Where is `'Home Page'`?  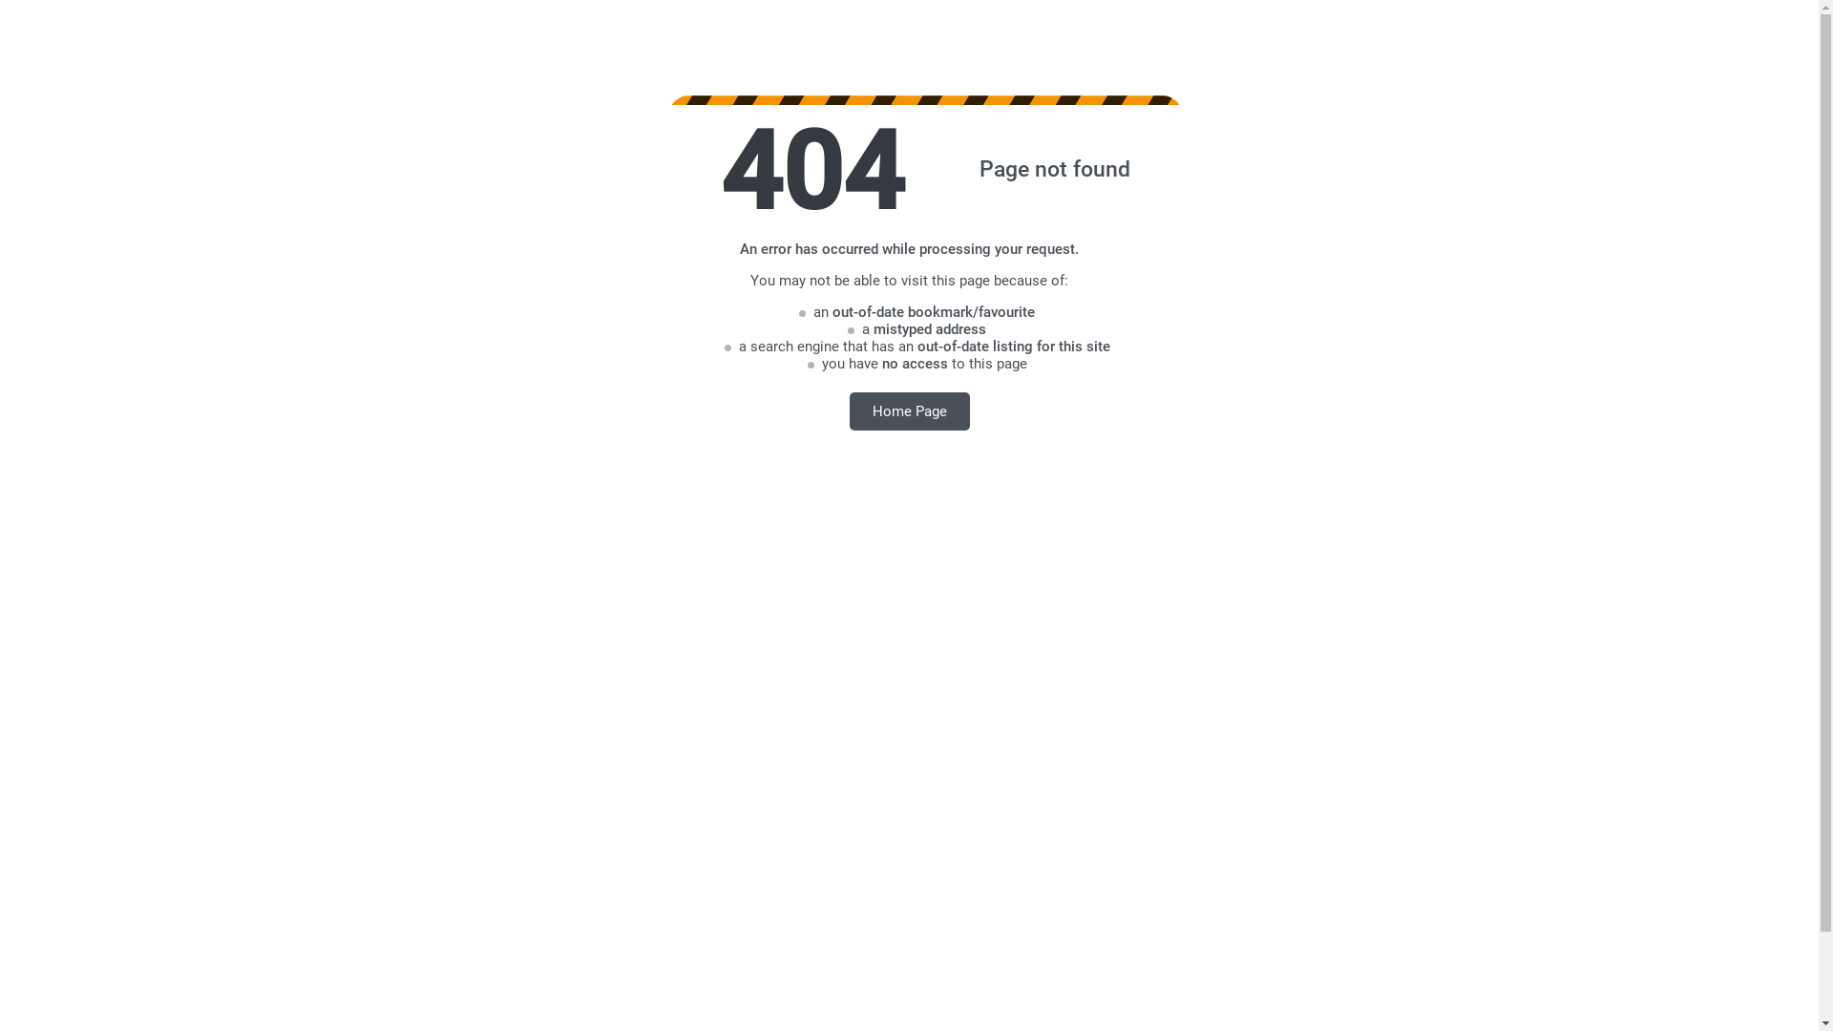 'Home Page' is located at coordinates (909, 410).